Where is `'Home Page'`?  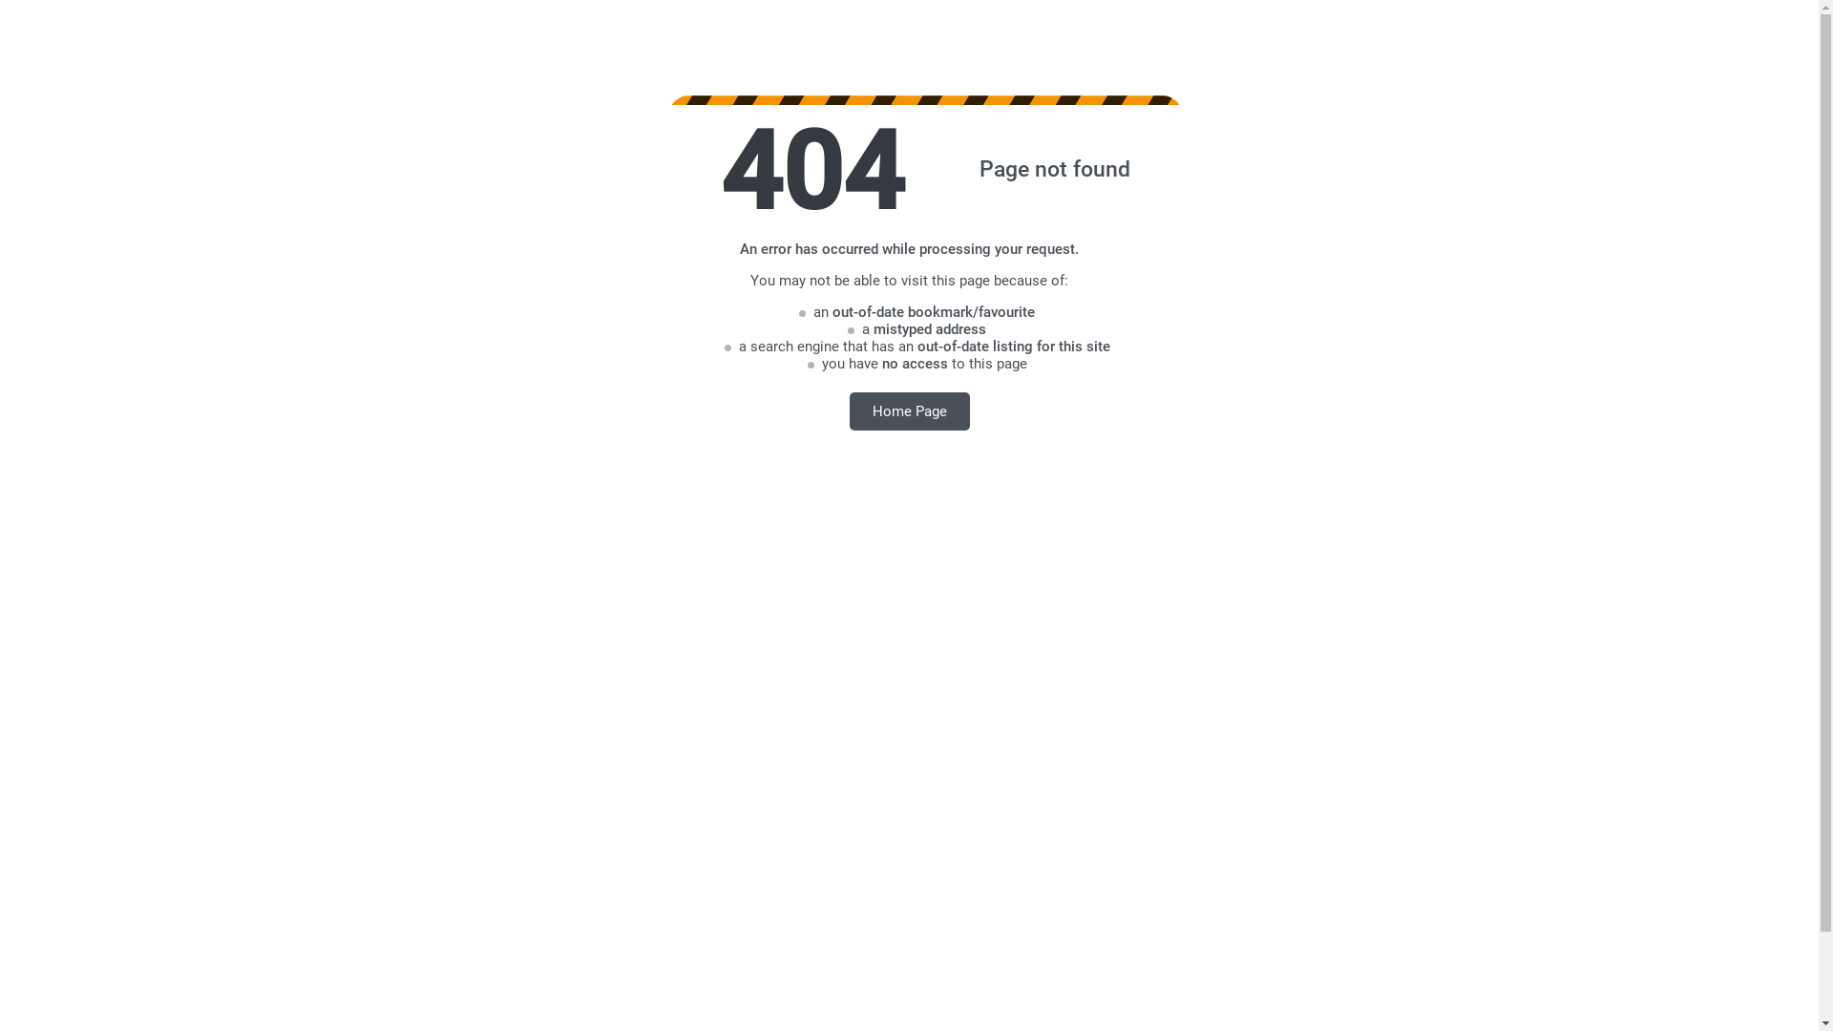 'Home Page' is located at coordinates (909, 410).